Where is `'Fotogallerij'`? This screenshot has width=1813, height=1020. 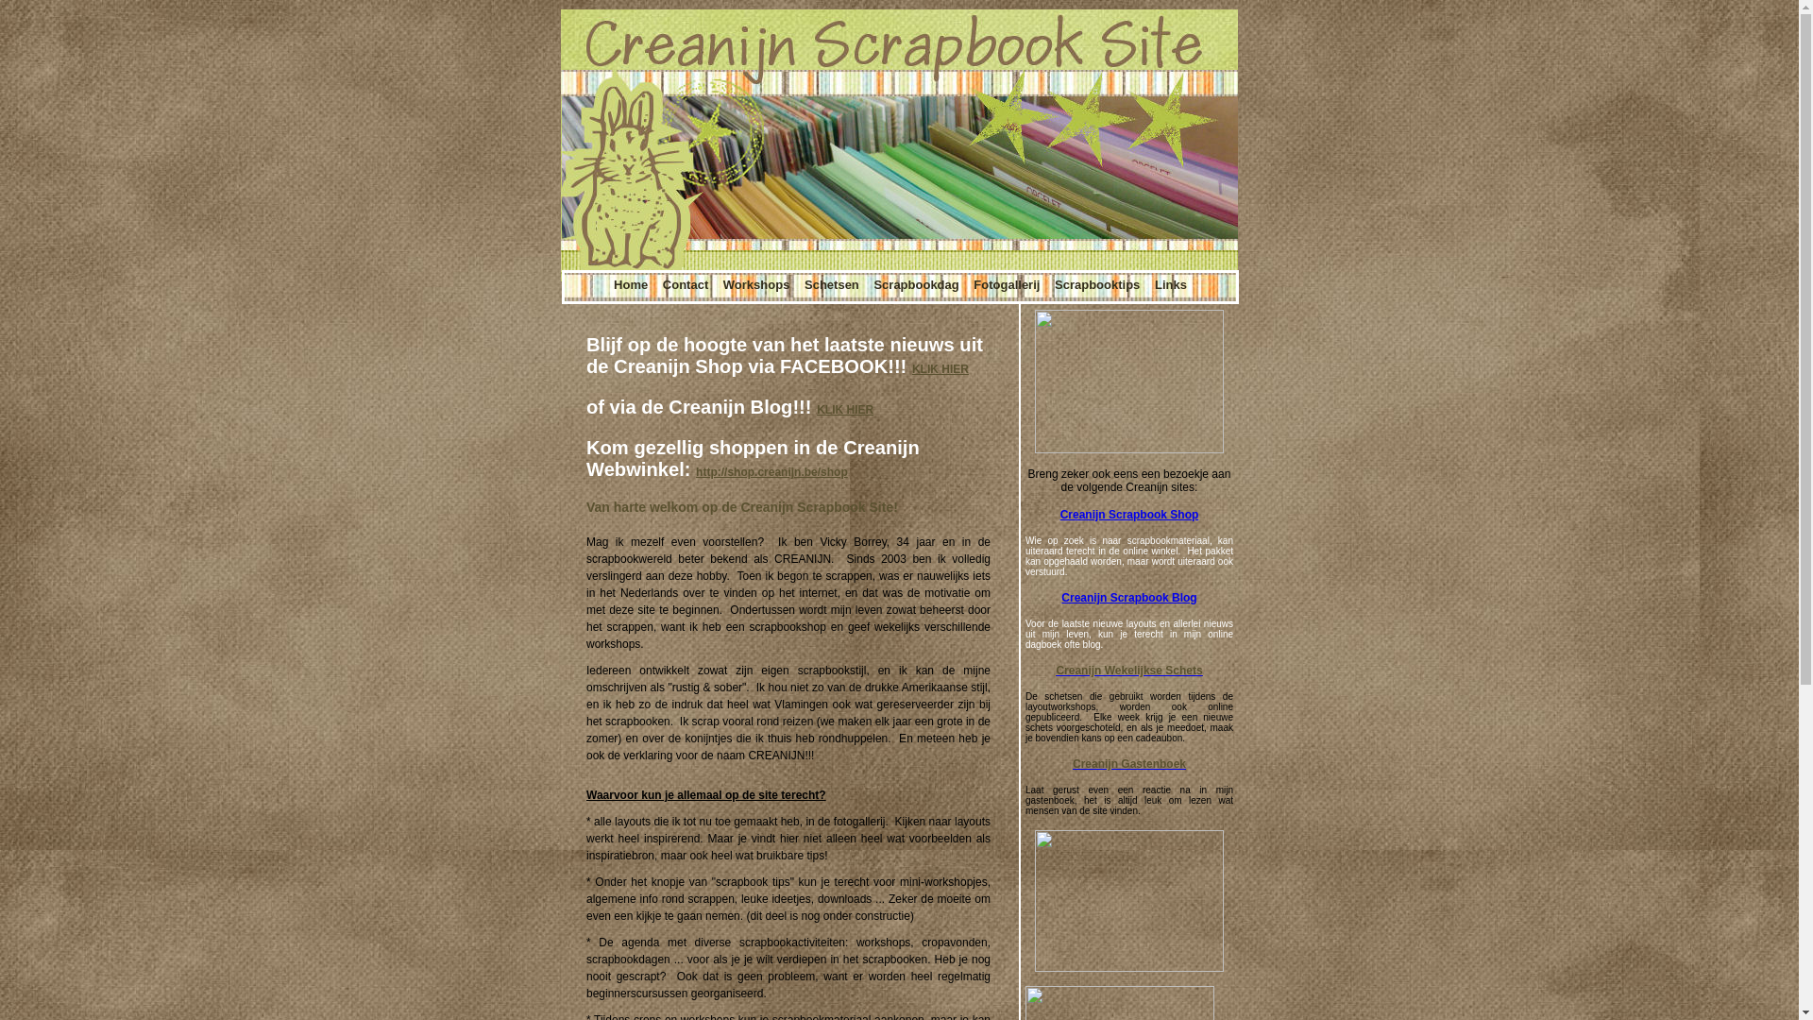 'Fotogallerij' is located at coordinates (1008, 284).